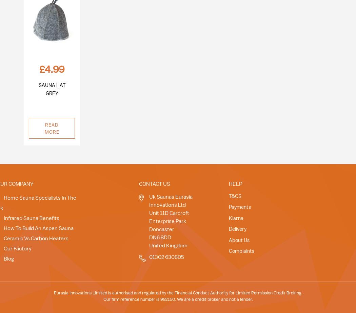  What do you see at coordinates (161, 229) in the screenshot?
I see `'Doncaster'` at bounding box center [161, 229].